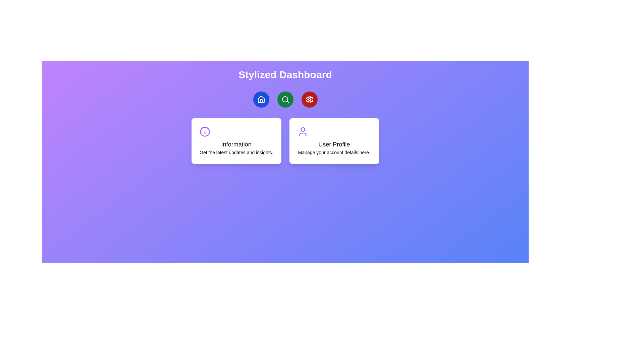 Image resolution: width=644 pixels, height=362 pixels. Describe the element at coordinates (285, 100) in the screenshot. I see `the circular search button with a green background and a magnifying glass symbol, located between the blue house button and the red gear button, to initiate a search action` at that location.